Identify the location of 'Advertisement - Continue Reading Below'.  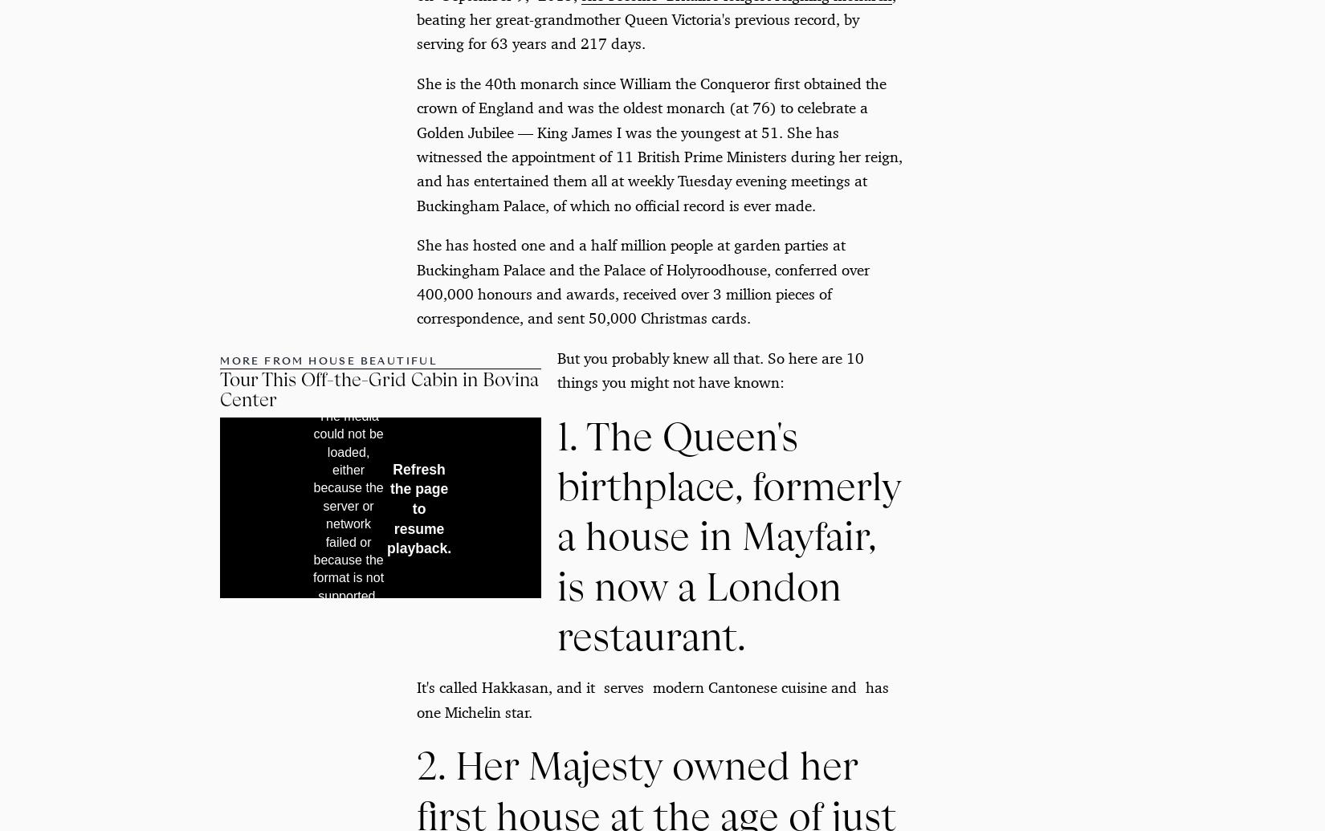
(577, 428).